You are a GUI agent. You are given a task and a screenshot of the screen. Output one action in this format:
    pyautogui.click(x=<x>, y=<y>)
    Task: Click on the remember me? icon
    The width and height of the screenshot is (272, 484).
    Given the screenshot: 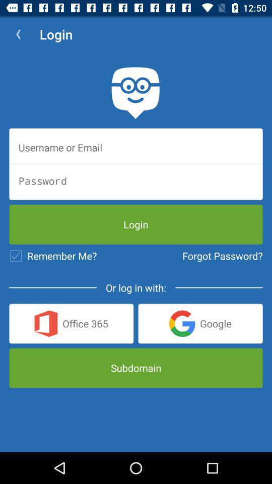 What is the action you would take?
    pyautogui.click(x=53, y=255)
    